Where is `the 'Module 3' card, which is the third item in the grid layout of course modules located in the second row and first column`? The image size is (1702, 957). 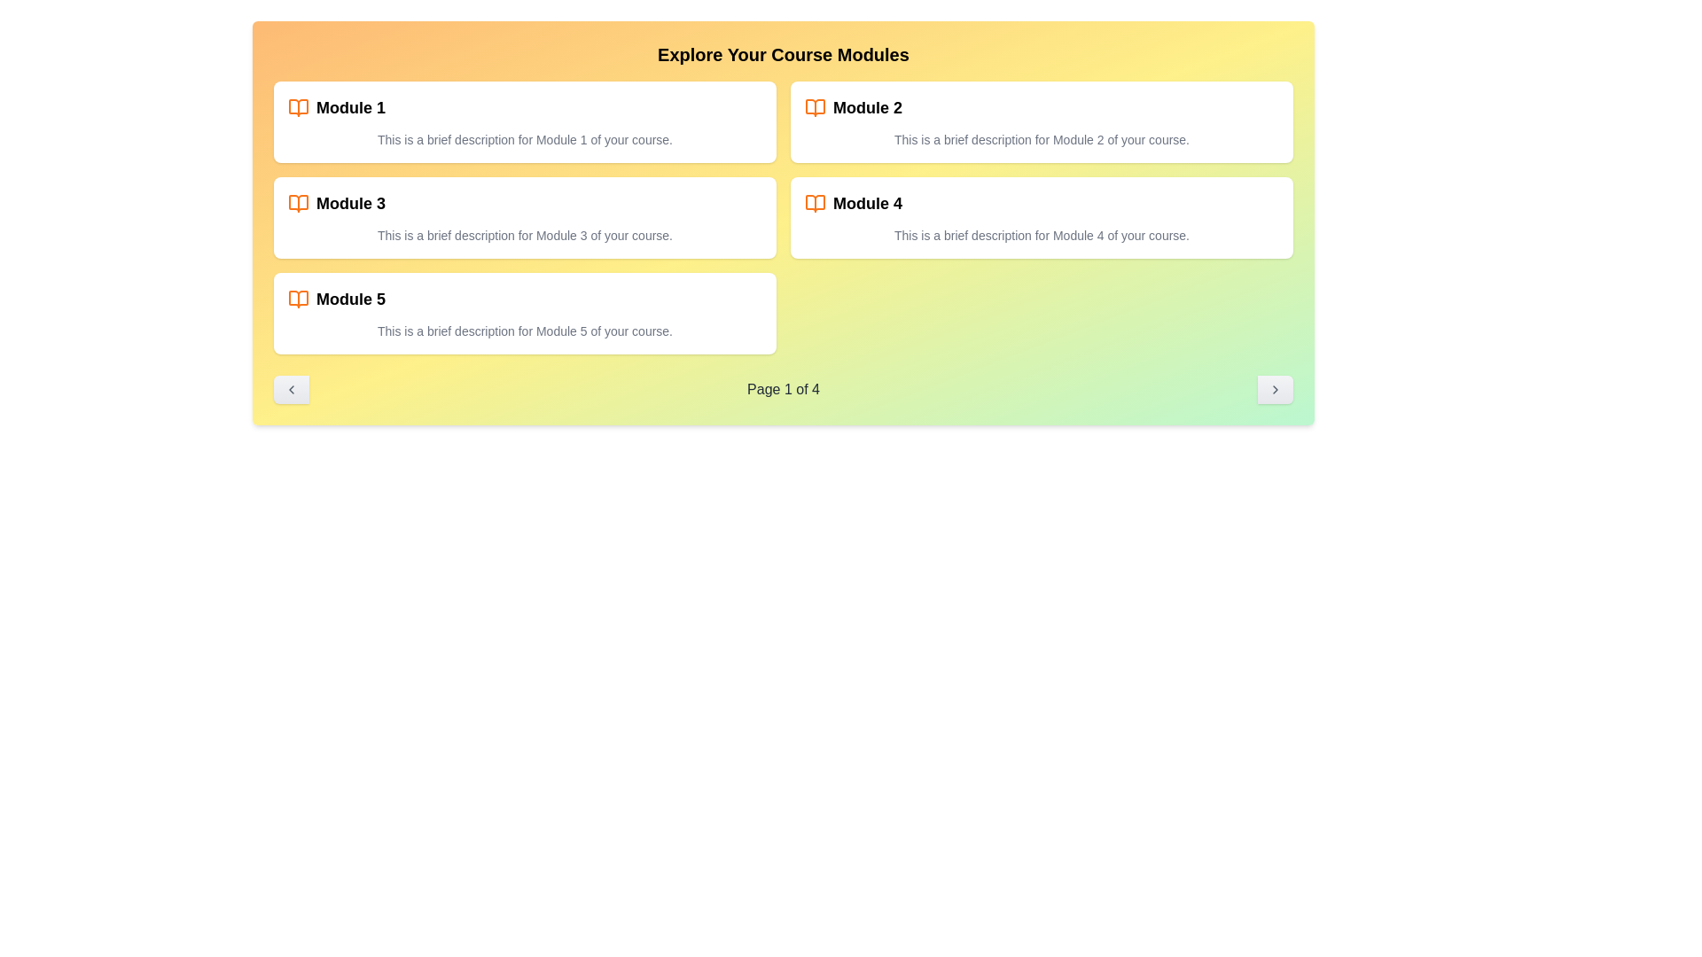
the 'Module 3' card, which is the third item in the grid layout of course modules located in the second row and first column is located at coordinates (524, 217).